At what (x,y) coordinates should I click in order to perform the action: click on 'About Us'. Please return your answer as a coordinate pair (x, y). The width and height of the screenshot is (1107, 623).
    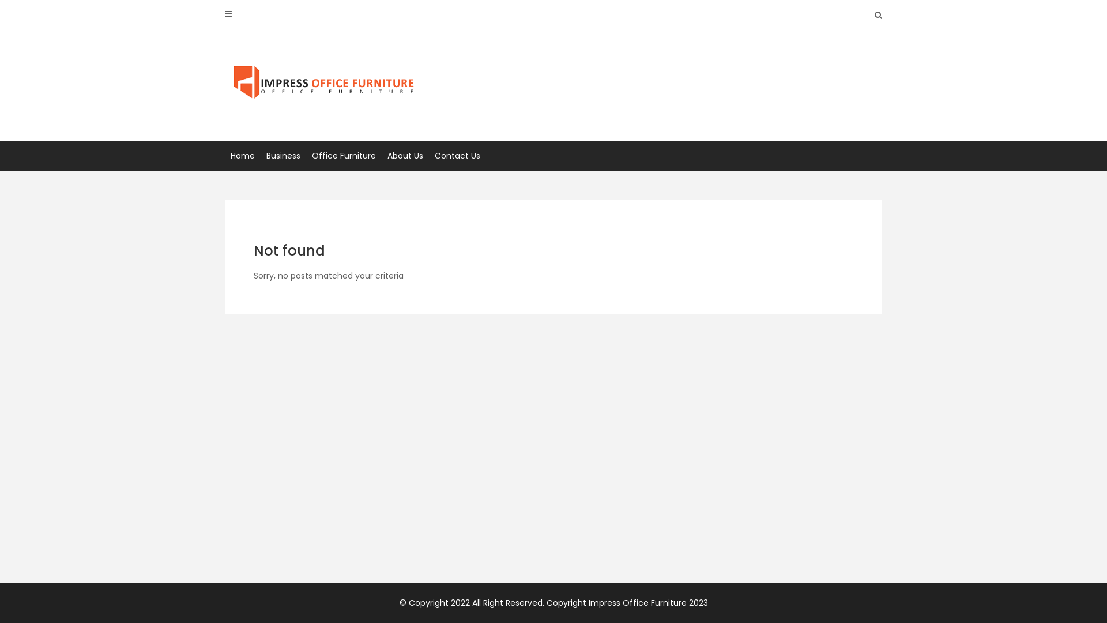
    Looking at the image, I should click on (405, 156).